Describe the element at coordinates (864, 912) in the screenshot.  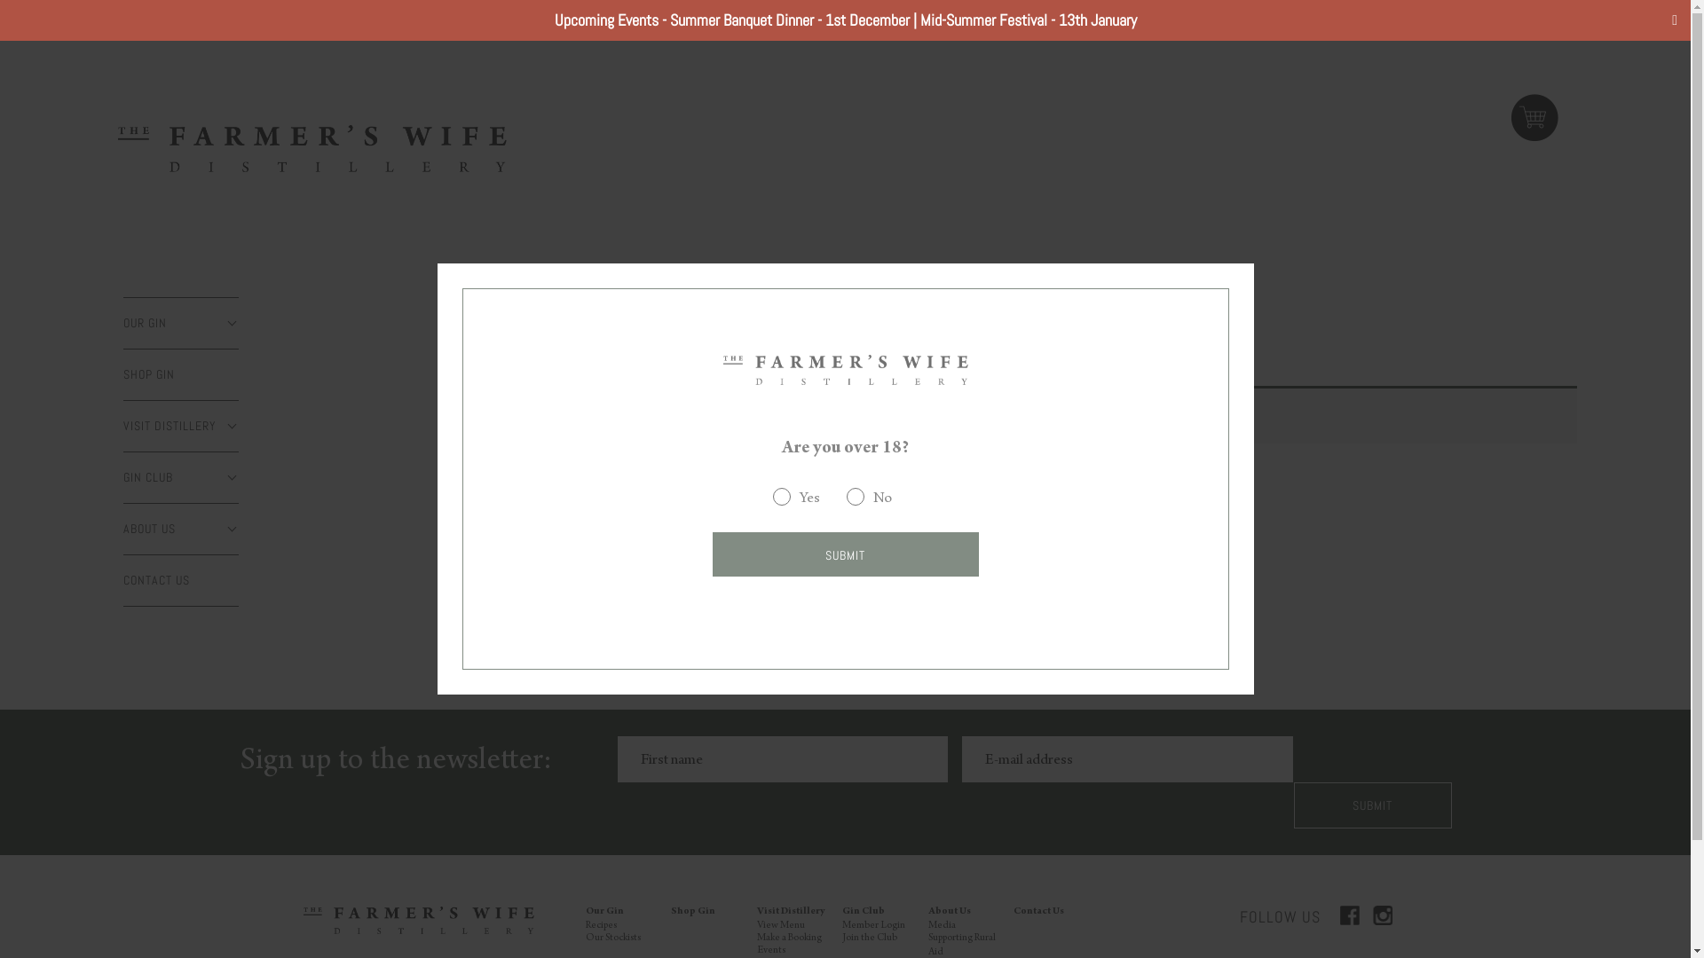
I see `'Gin Club'` at that location.